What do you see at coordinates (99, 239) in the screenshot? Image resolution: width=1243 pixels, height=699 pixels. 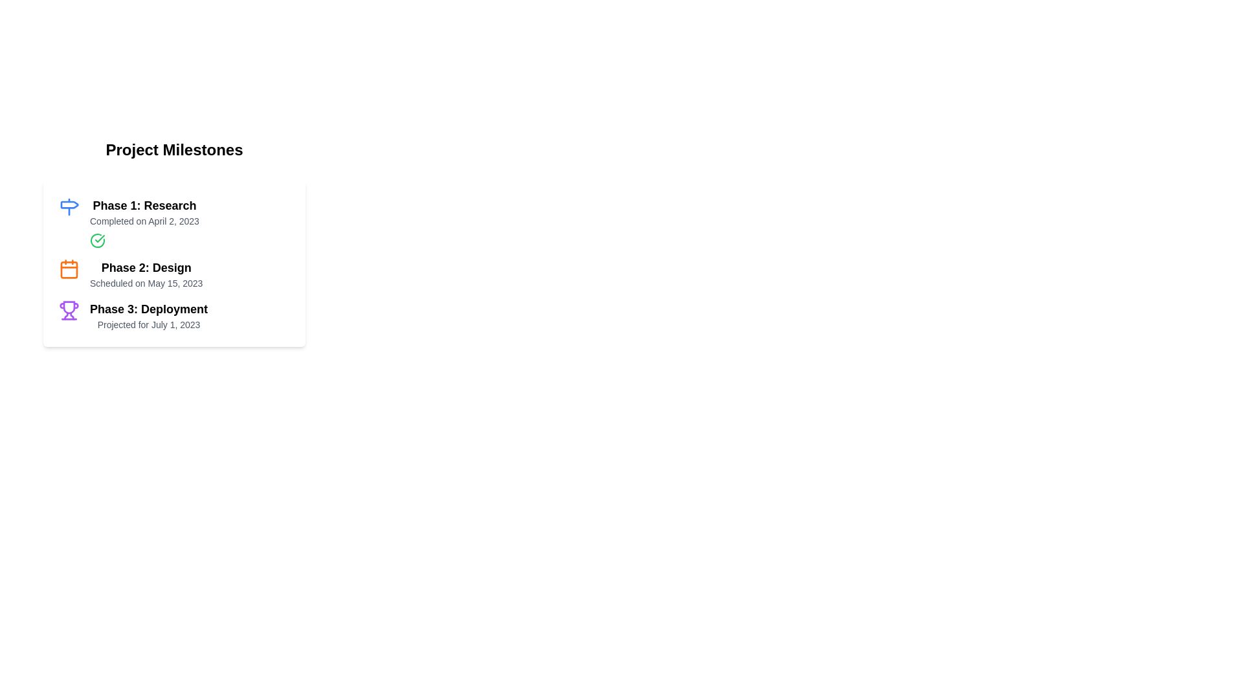 I see `the green checkmark icon indicating a completed task next to 'Phase 1: Research'` at bounding box center [99, 239].